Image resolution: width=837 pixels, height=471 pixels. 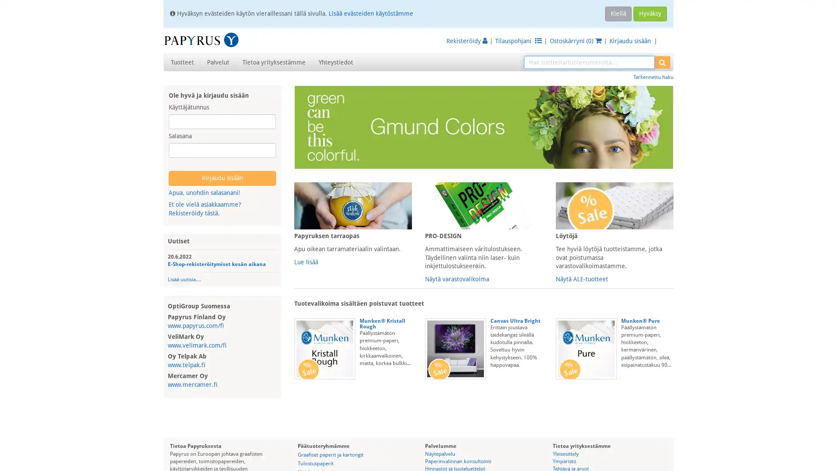 What do you see at coordinates (618, 14) in the screenshot?
I see `Kiella` at bounding box center [618, 14].